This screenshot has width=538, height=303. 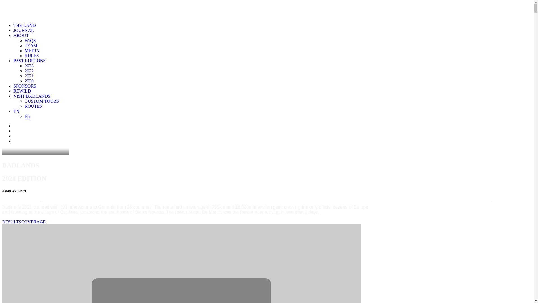 I want to click on 'MEDIA', so click(x=32, y=50).